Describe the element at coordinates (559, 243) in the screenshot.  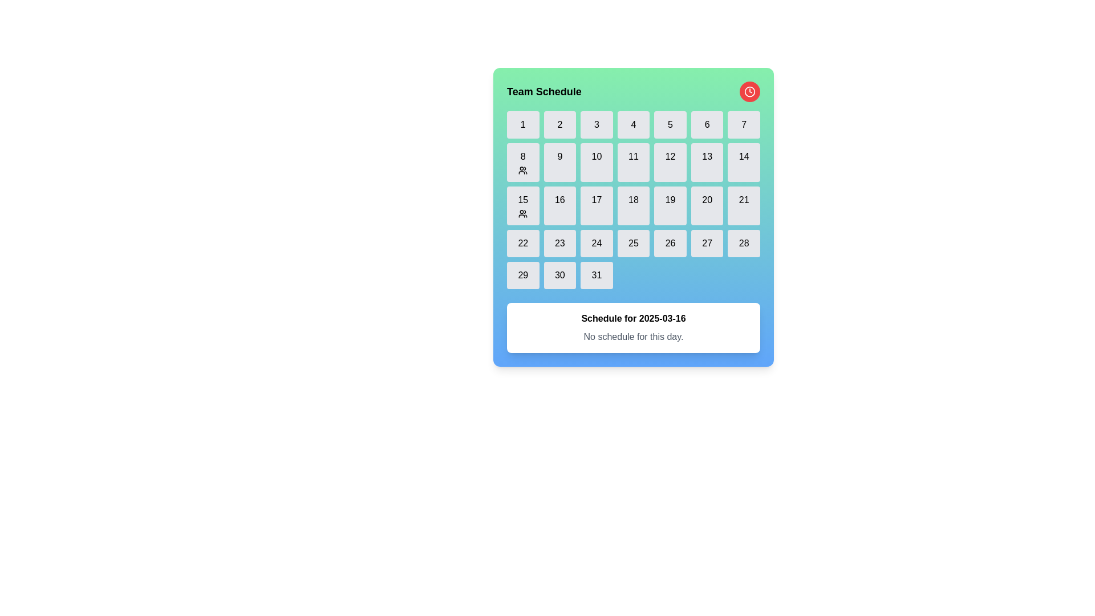
I see `the date label within the calendar button located in the fourth row, second column of the grid` at that location.